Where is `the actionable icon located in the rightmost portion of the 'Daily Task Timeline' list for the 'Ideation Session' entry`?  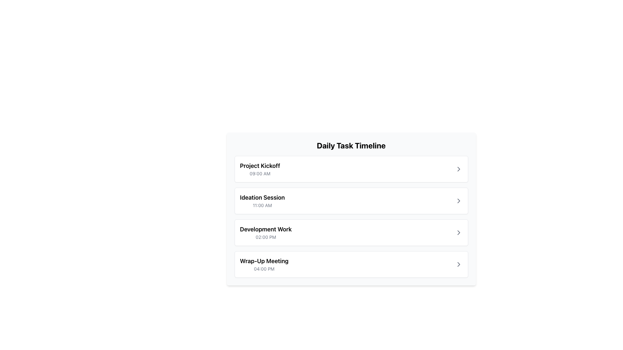 the actionable icon located in the rightmost portion of the 'Daily Task Timeline' list for the 'Ideation Session' entry is located at coordinates (458, 201).